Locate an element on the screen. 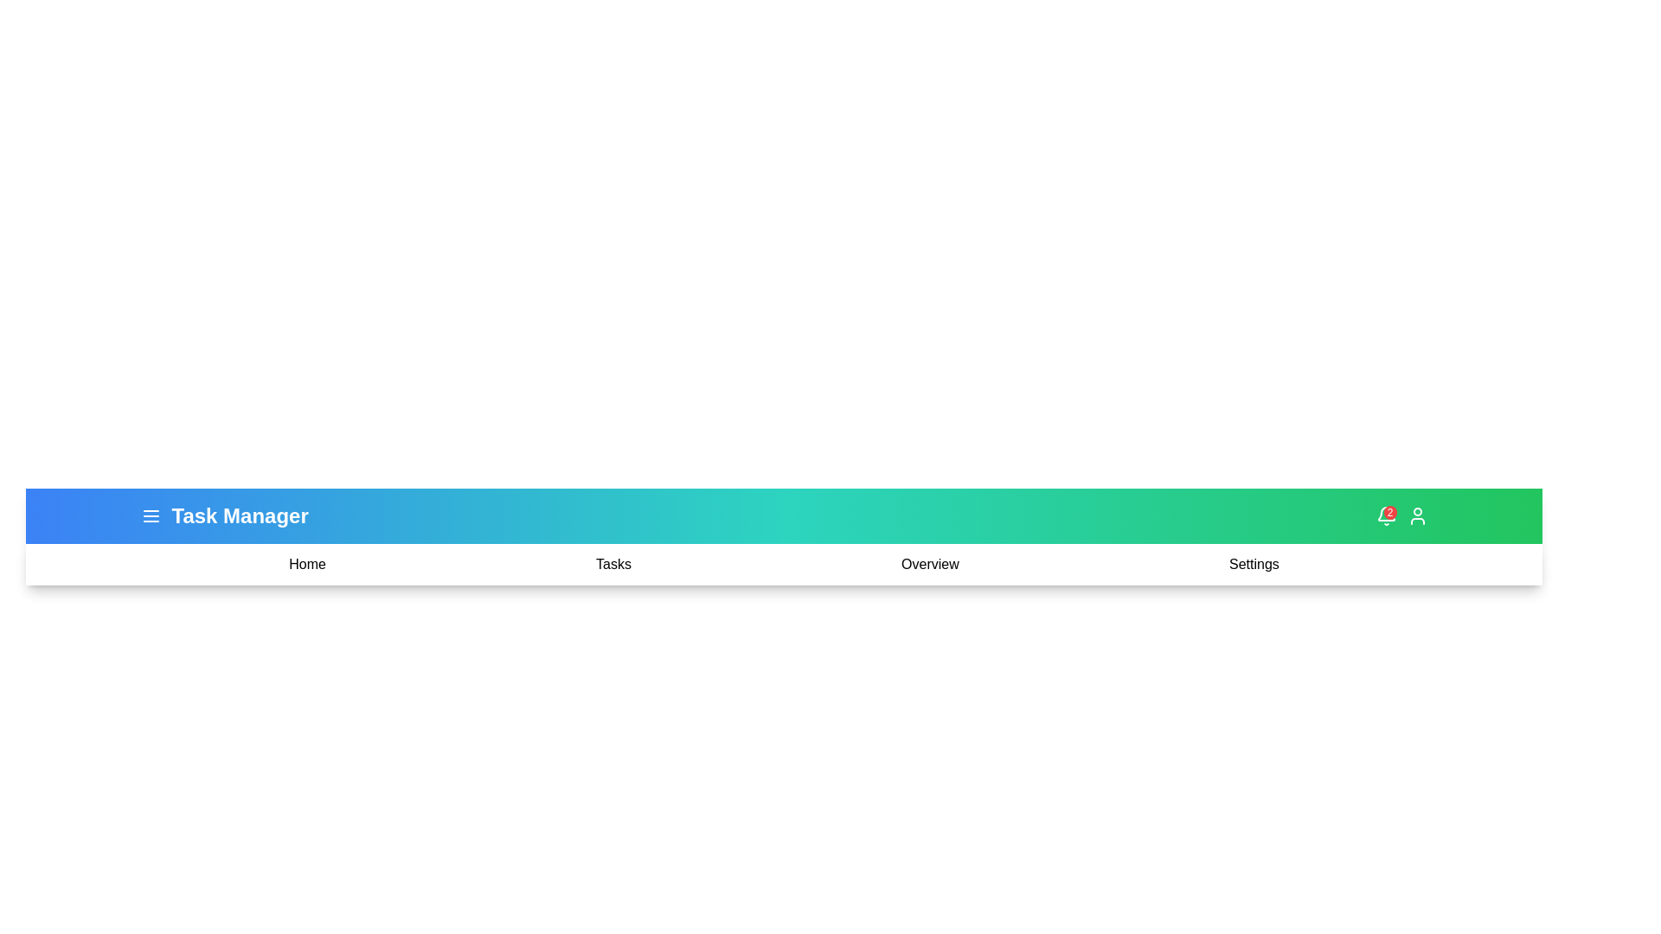  the menu item Overview to navigate to the corresponding section is located at coordinates (929, 564).